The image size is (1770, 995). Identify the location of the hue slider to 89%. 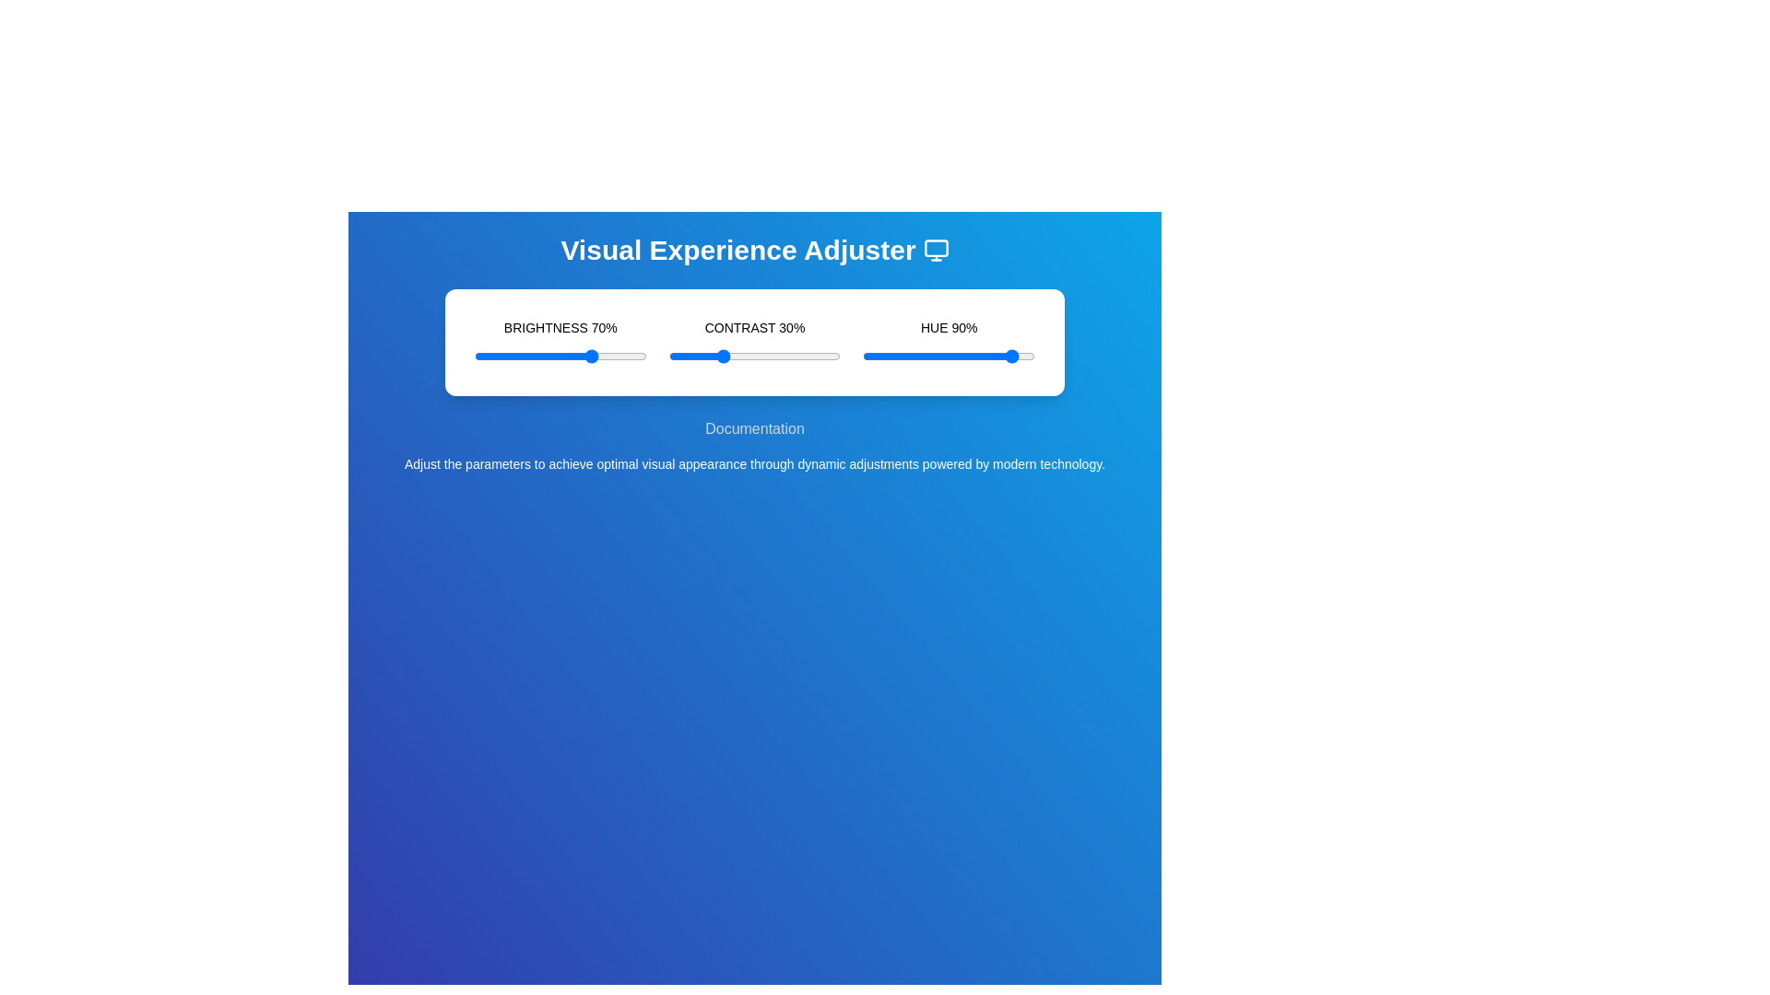
(1015, 356).